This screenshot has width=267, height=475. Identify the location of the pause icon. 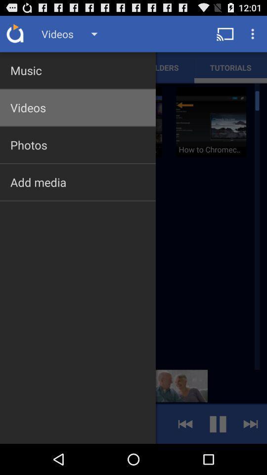
(218, 454).